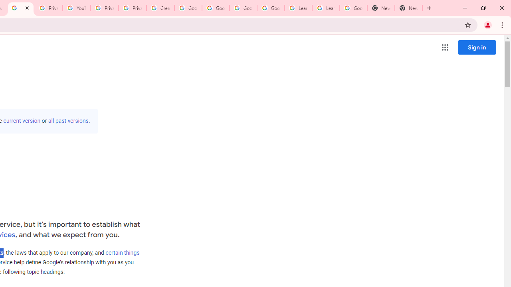 This screenshot has width=511, height=287. Describe the element at coordinates (77, 8) in the screenshot. I see `'YouTube'` at that location.